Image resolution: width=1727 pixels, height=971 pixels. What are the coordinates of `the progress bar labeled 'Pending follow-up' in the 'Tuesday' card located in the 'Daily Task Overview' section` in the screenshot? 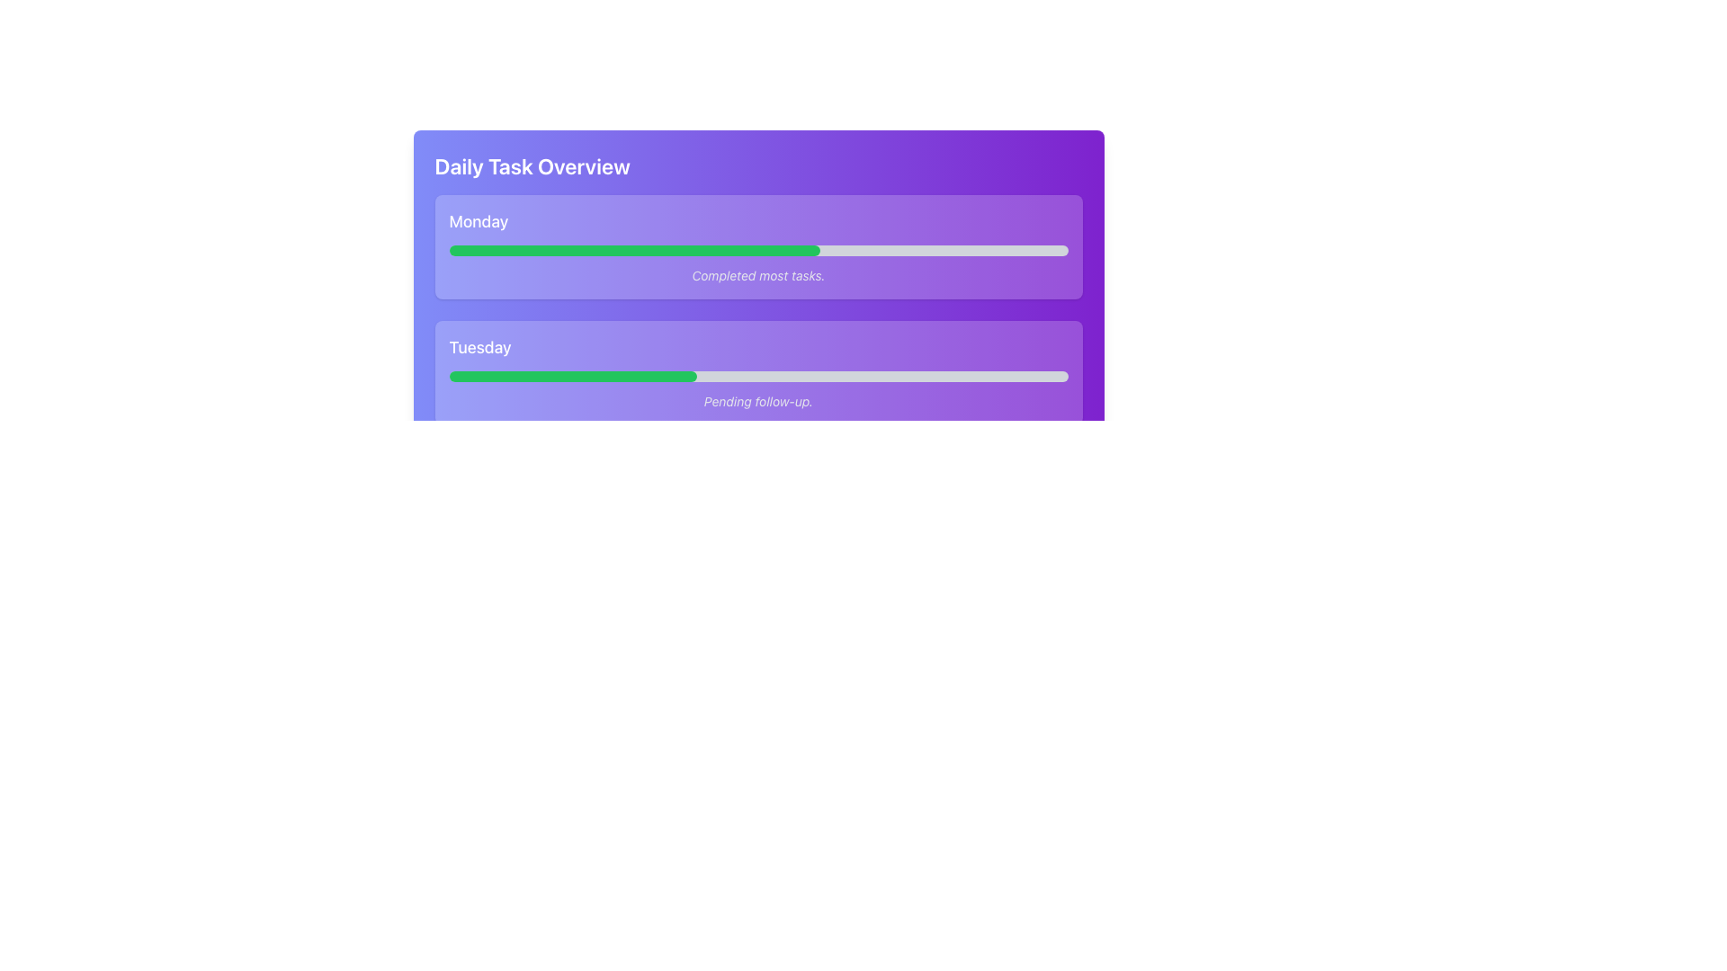 It's located at (758, 376).